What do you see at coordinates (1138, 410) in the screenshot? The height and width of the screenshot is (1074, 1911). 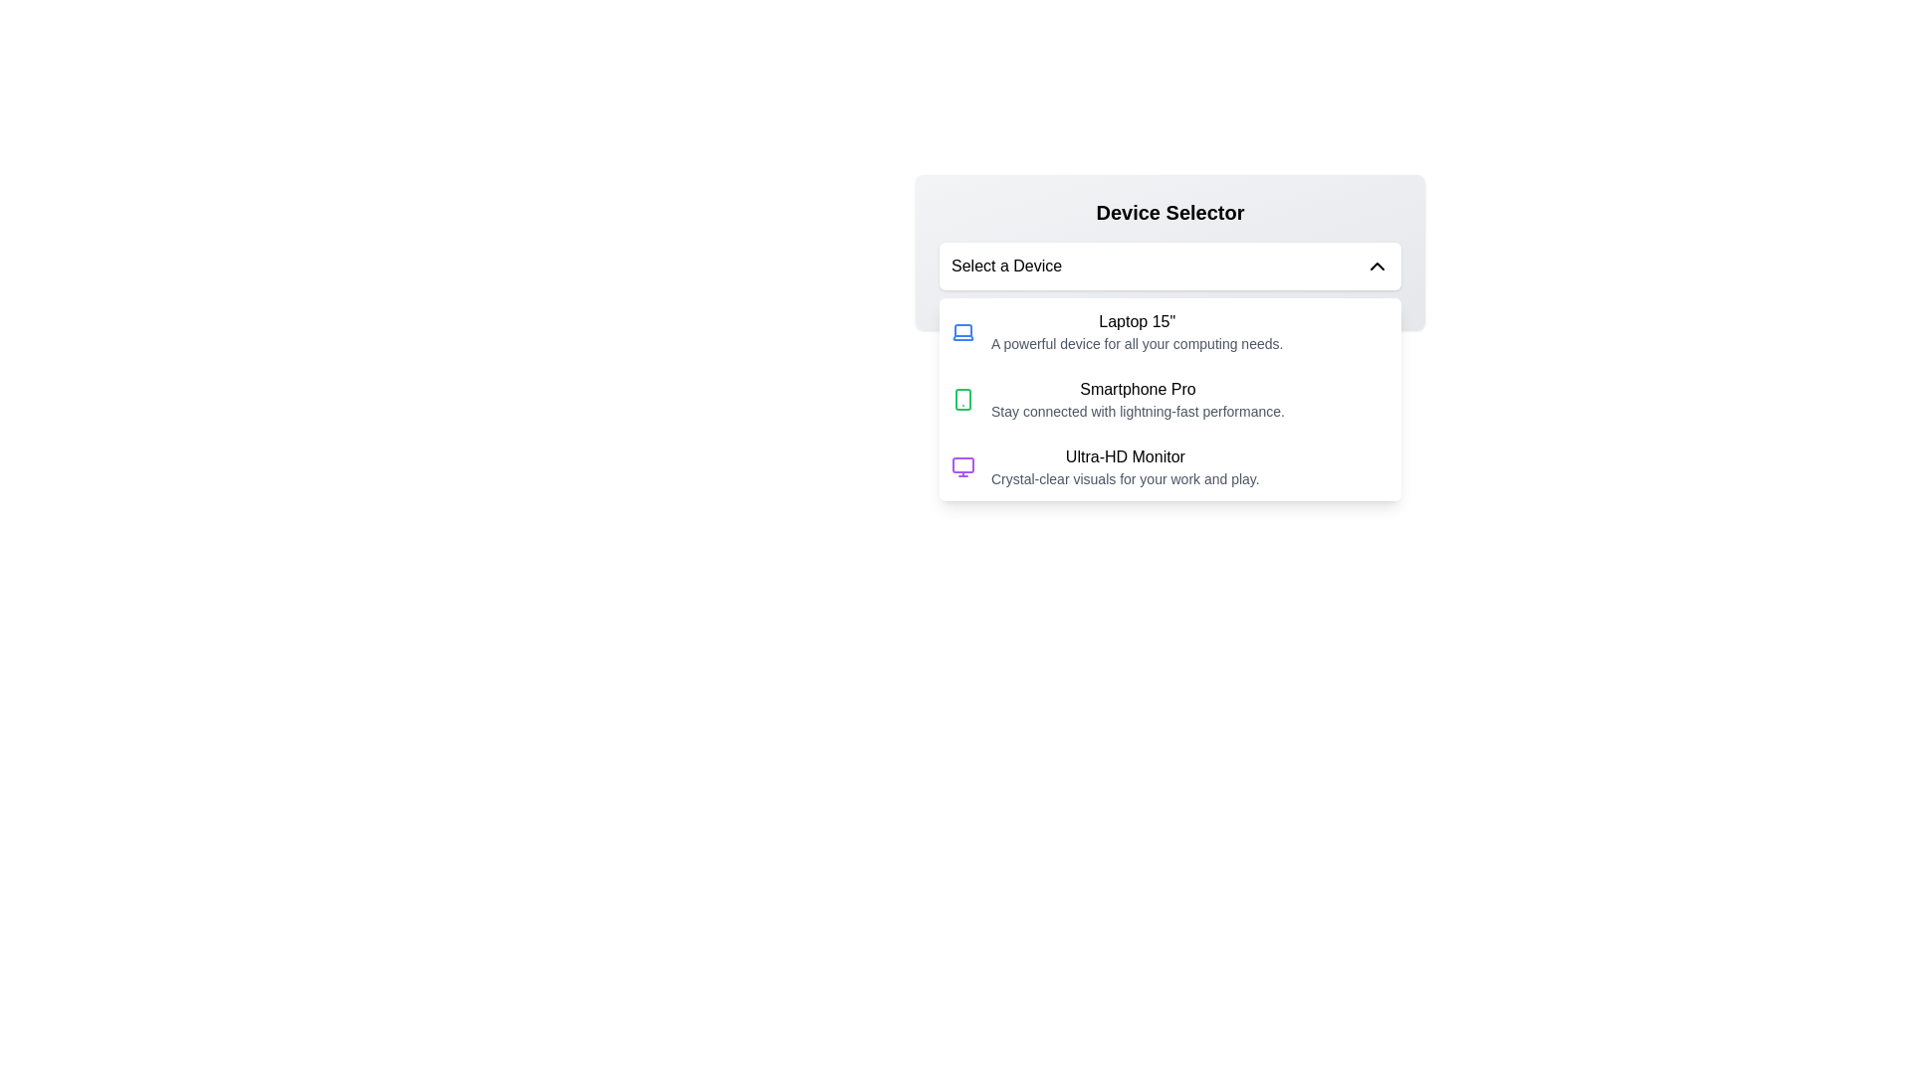 I see `the descriptive text label for 'Smartphone Pro' located beneath the title in the 'Device Selector' drop-down menu` at bounding box center [1138, 410].